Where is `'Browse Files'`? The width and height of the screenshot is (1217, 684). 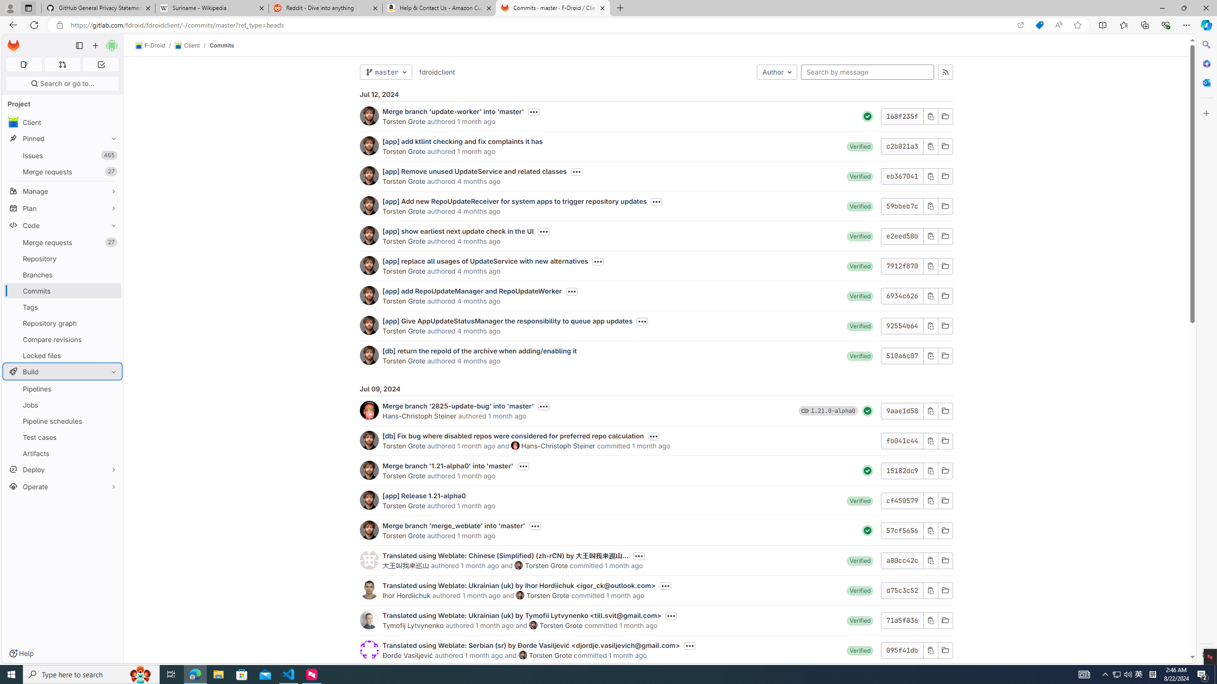 'Browse Files' is located at coordinates (944, 649).